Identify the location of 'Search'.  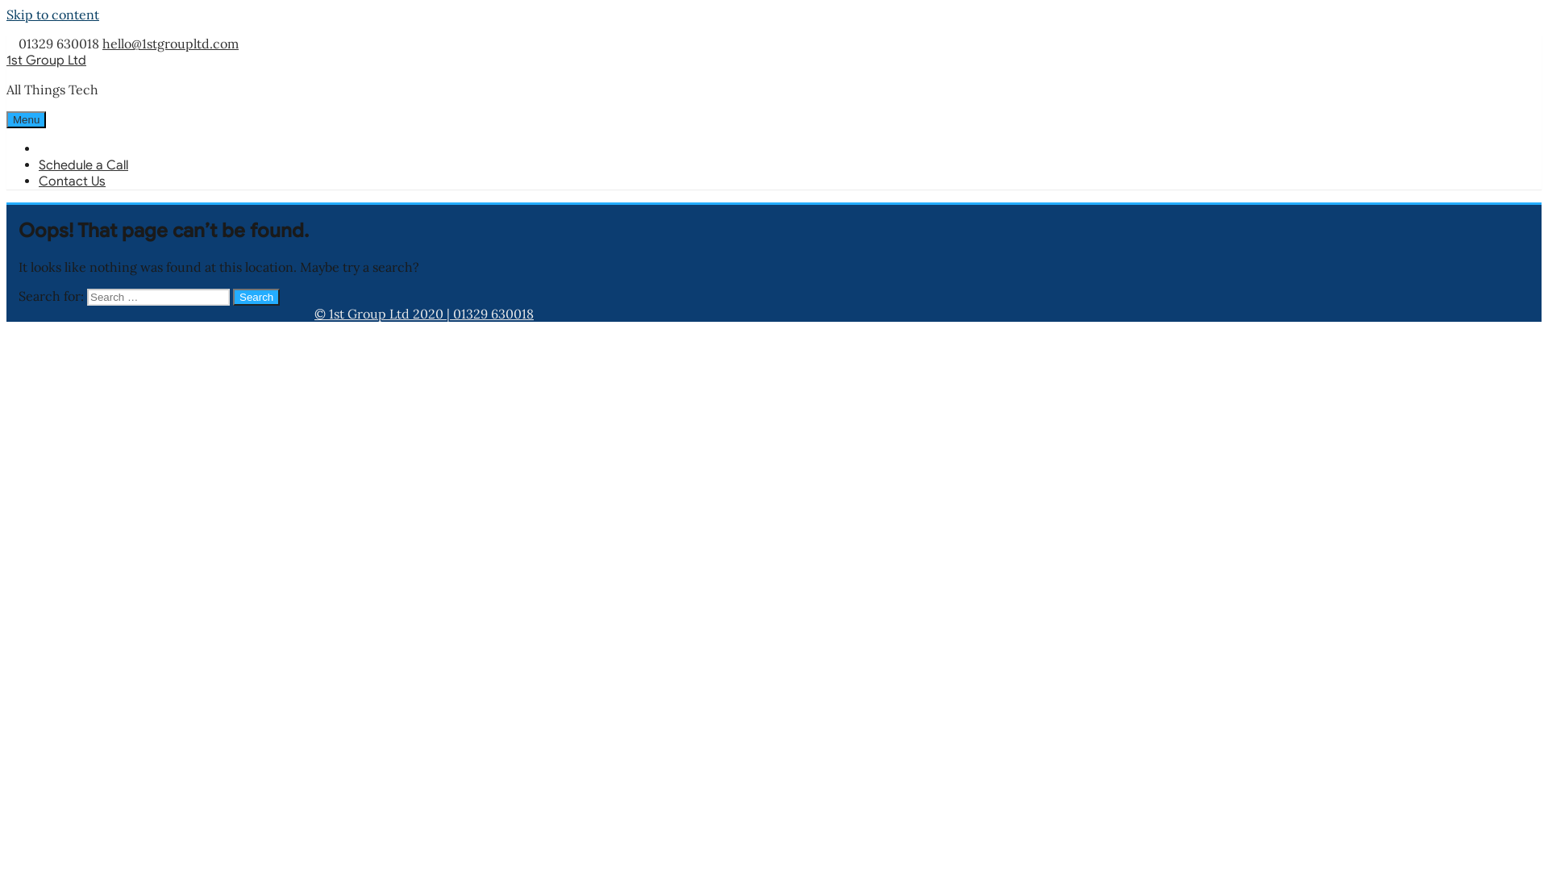
(231, 297).